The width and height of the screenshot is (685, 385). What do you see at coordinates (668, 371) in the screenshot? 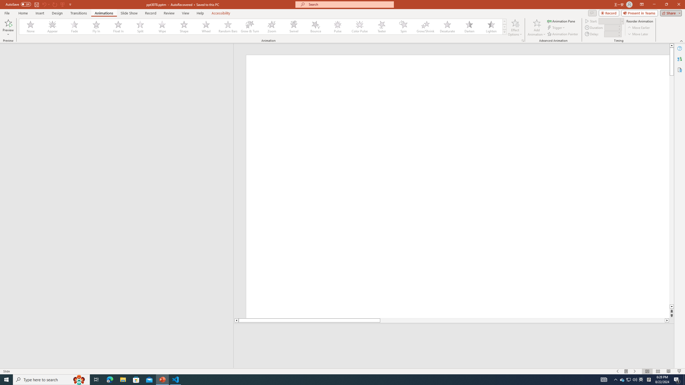
I see `'Reading View'` at bounding box center [668, 371].